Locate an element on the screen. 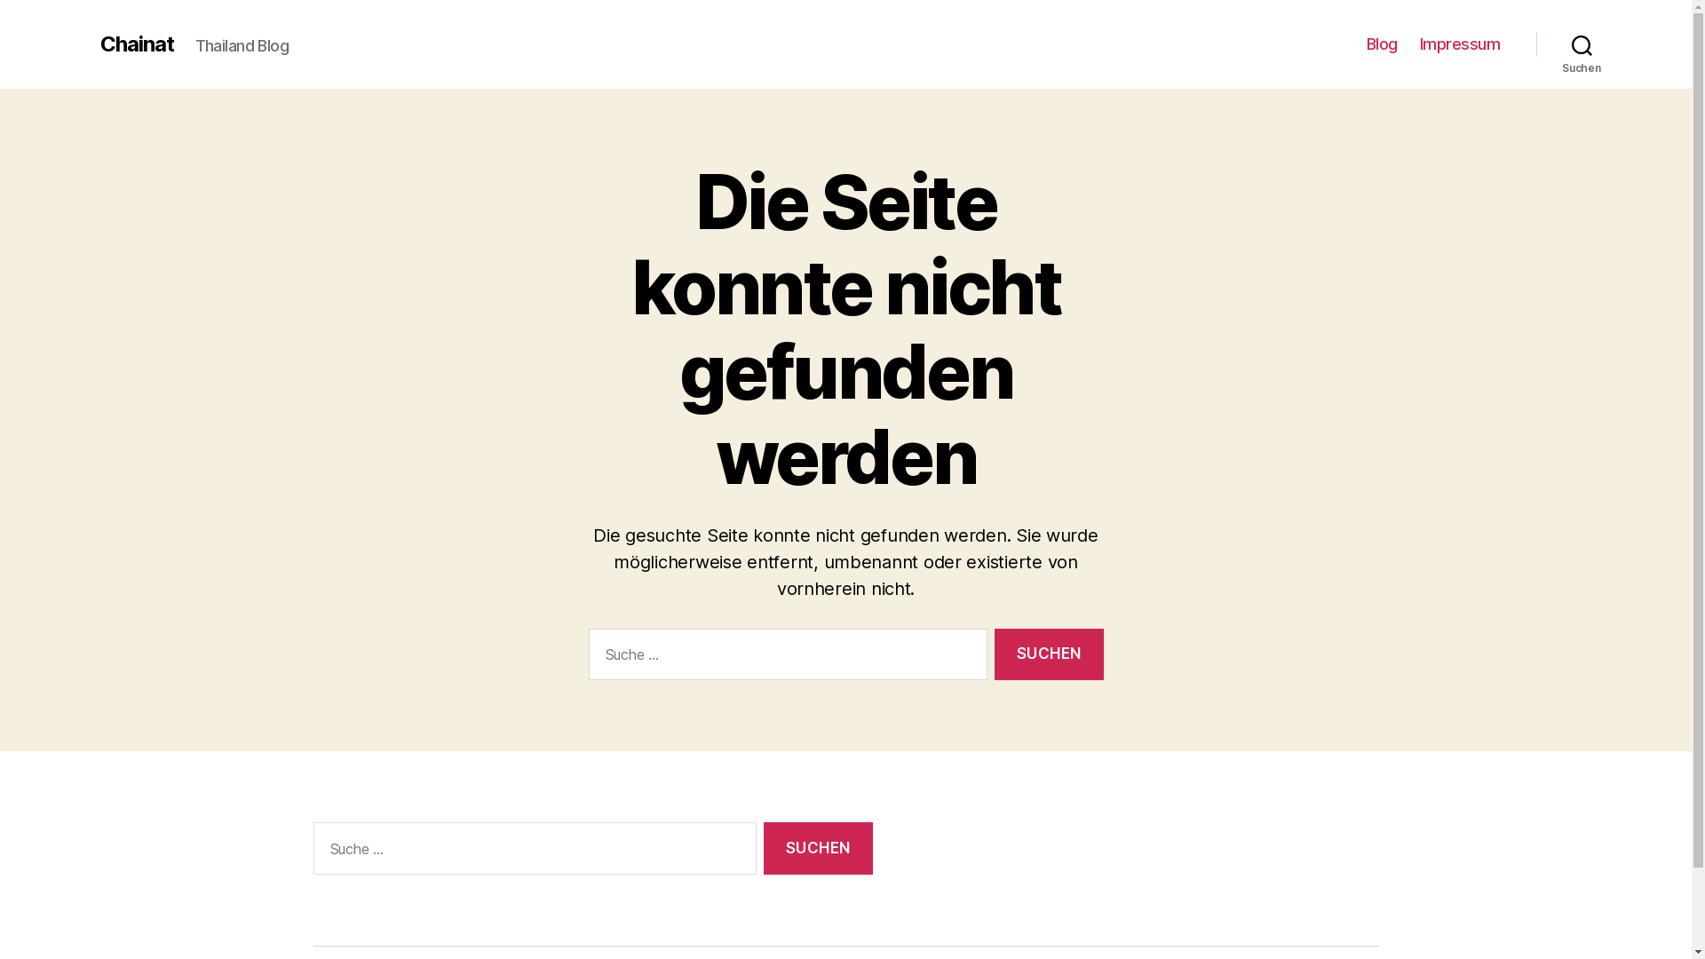 This screenshot has height=959, width=1705. 'Suchen' is located at coordinates (1048, 654).